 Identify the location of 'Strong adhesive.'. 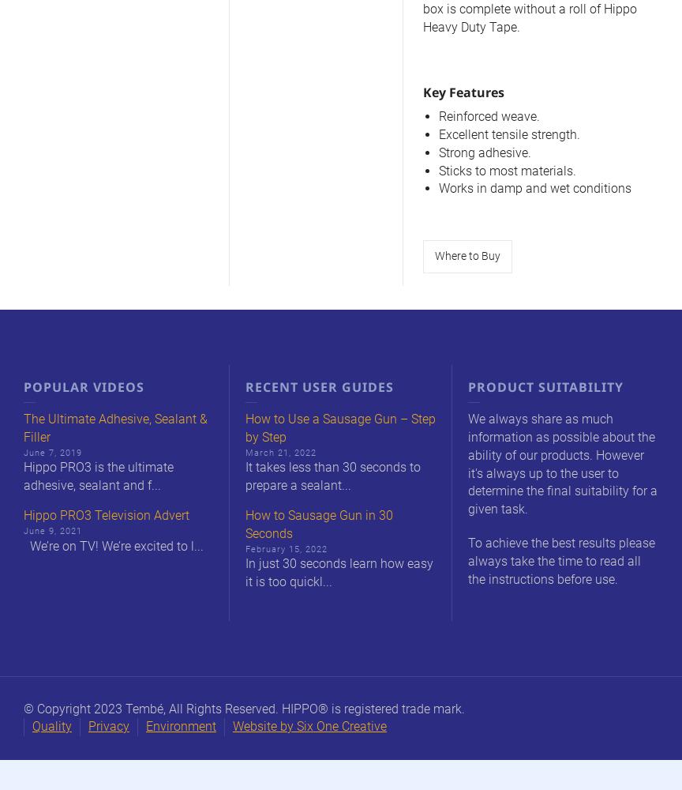
(484, 151).